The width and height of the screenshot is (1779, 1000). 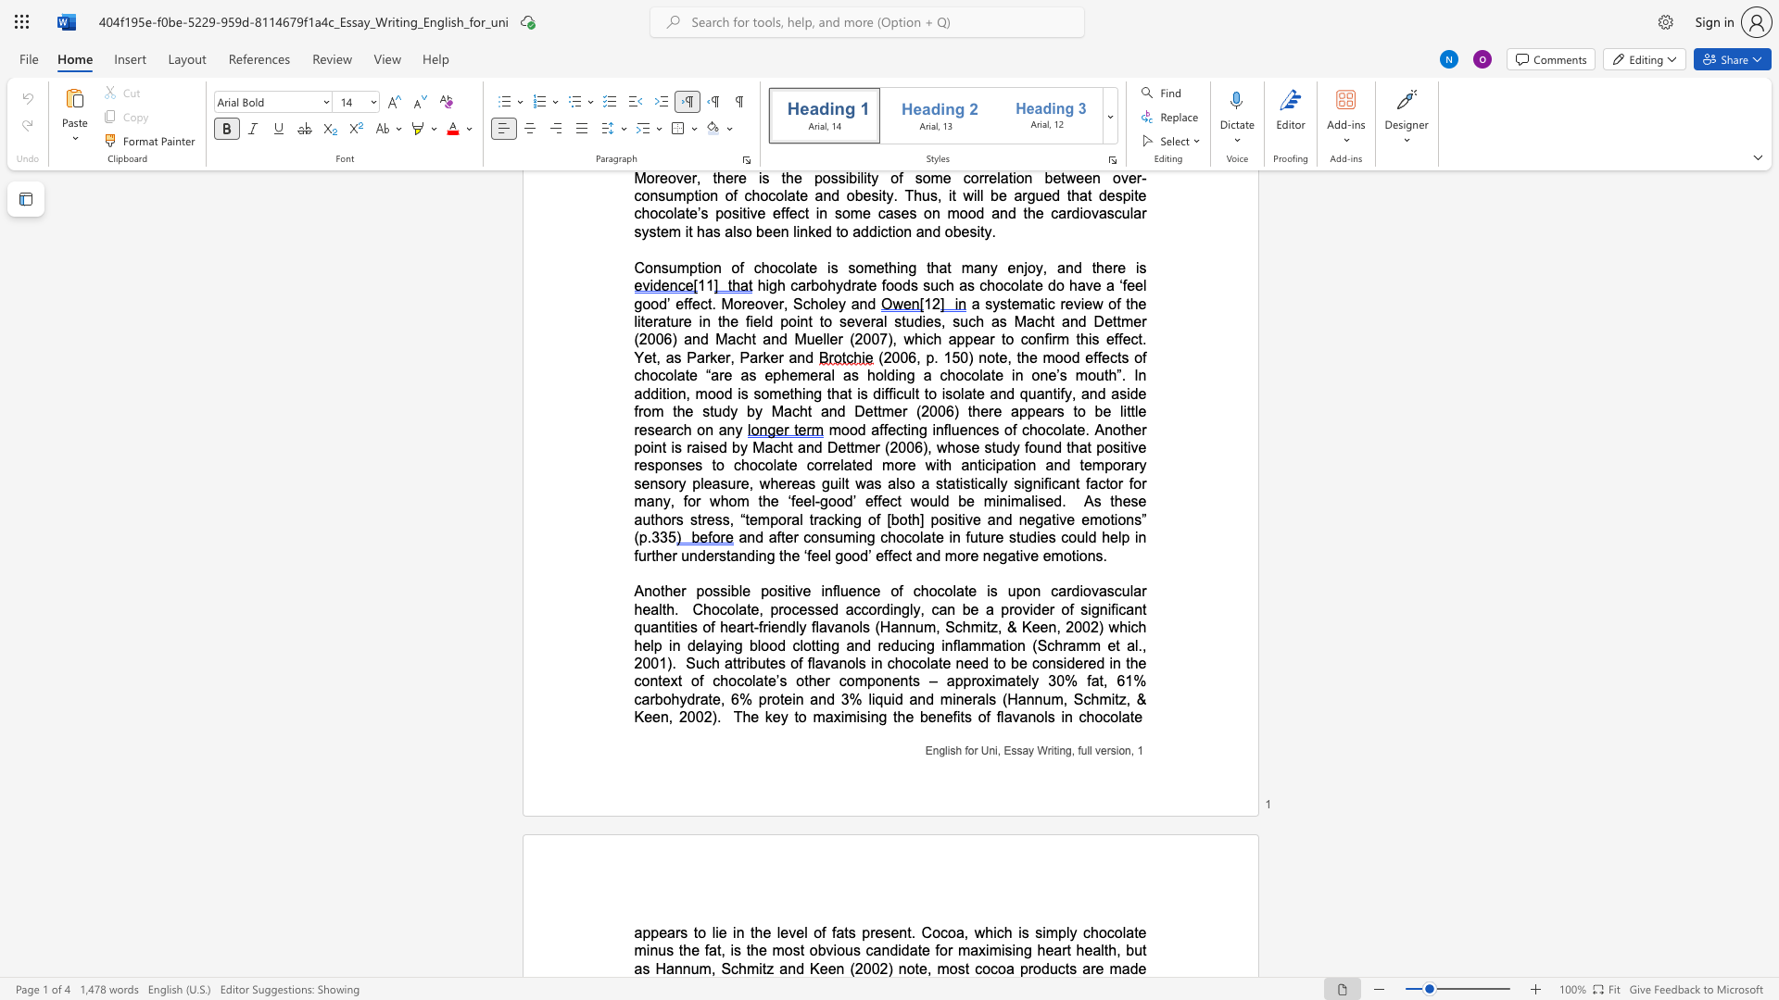 I want to click on the subset text "ucing inflammation (Schramm e" within the text "Chocolate, processed accordingly, can be a provider of significant quantities of heart-friendly flavanols (Hannum, Schmitz, & Keen, 2002) which help in delaying blood clotting and reducing inflammation (Schramm et al., 2001)", so click(x=899, y=644).